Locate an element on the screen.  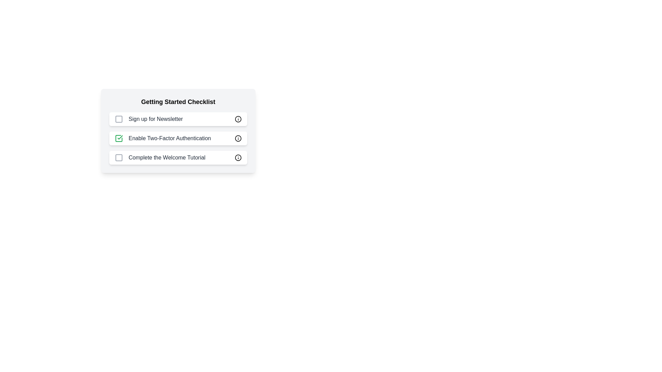
the green checkmark icon that indicates the completion of the 'Enable Two-Factor Authentication' checklist item is located at coordinates (120, 137).